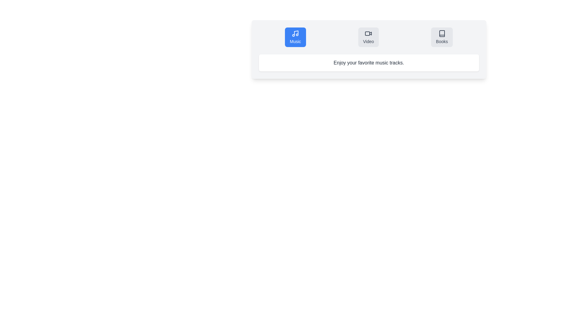  Describe the element at coordinates (296, 33) in the screenshot. I see `the music note icon represented by a vertical line and a rounded note shape in the top-left segment of the interface within the 'Music' box` at that location.